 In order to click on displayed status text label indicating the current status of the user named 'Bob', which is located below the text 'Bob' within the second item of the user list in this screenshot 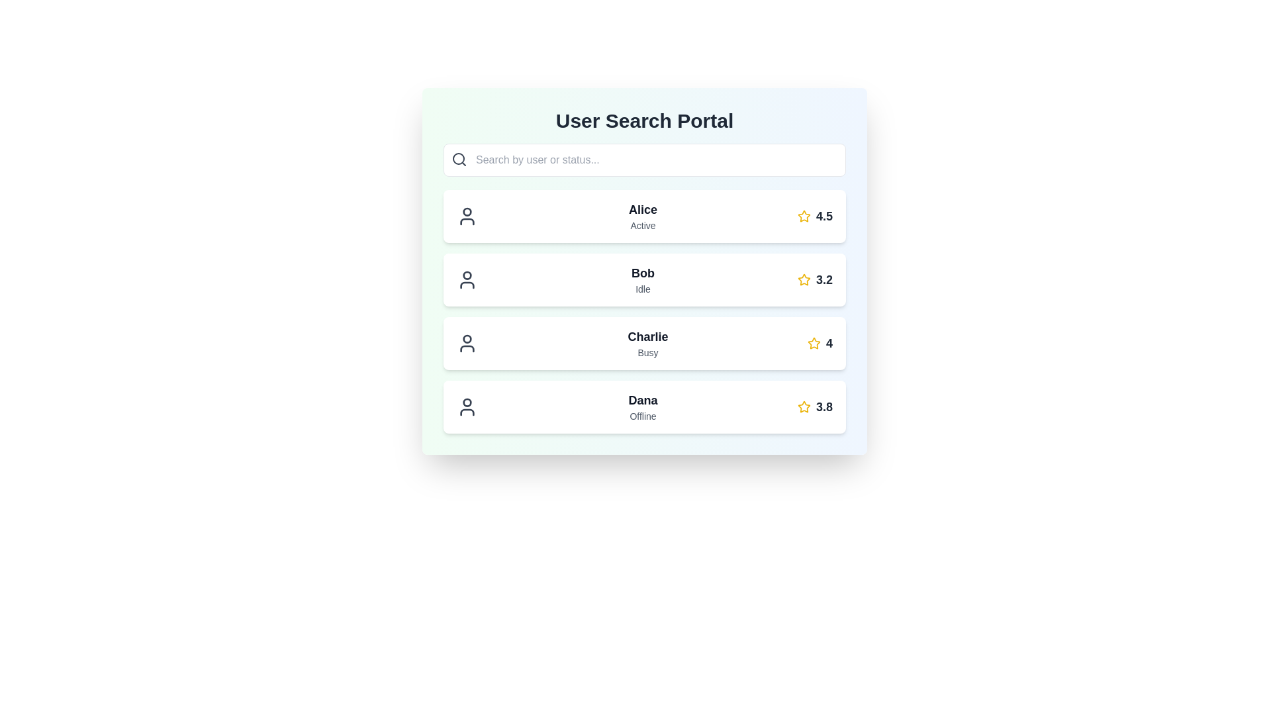, I will do `click(643, 288)`.